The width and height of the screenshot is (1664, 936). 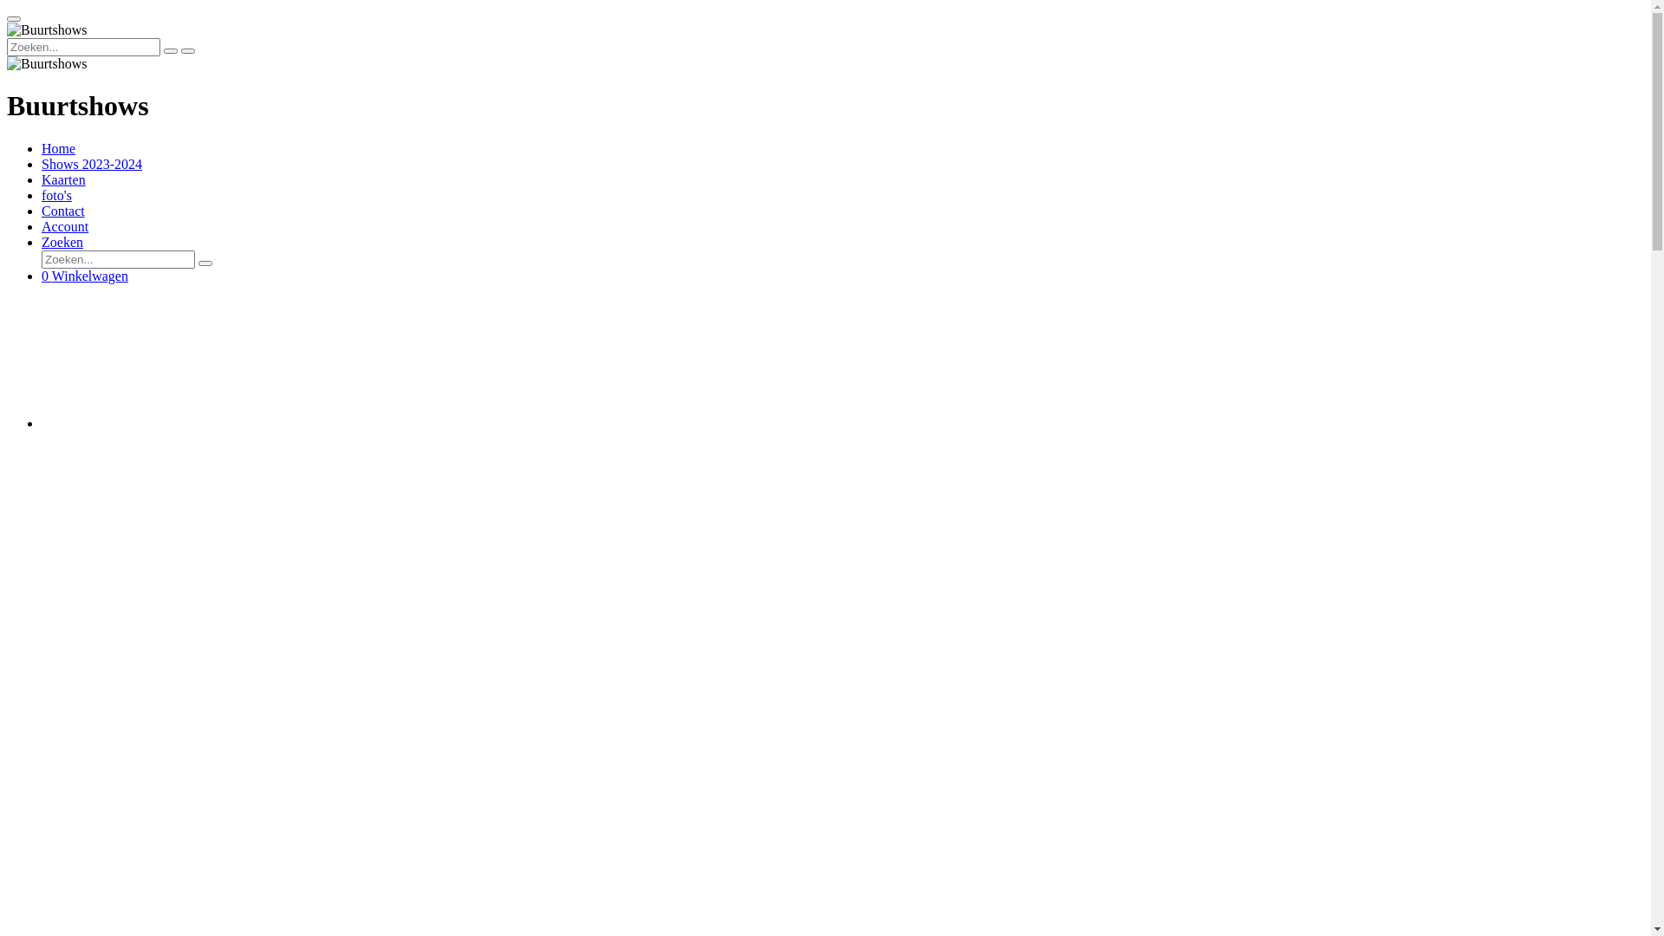 What do you see at coordinates (62, 210) in the screenshot?
I see `'Contact'` at bounding box center [62, 210].